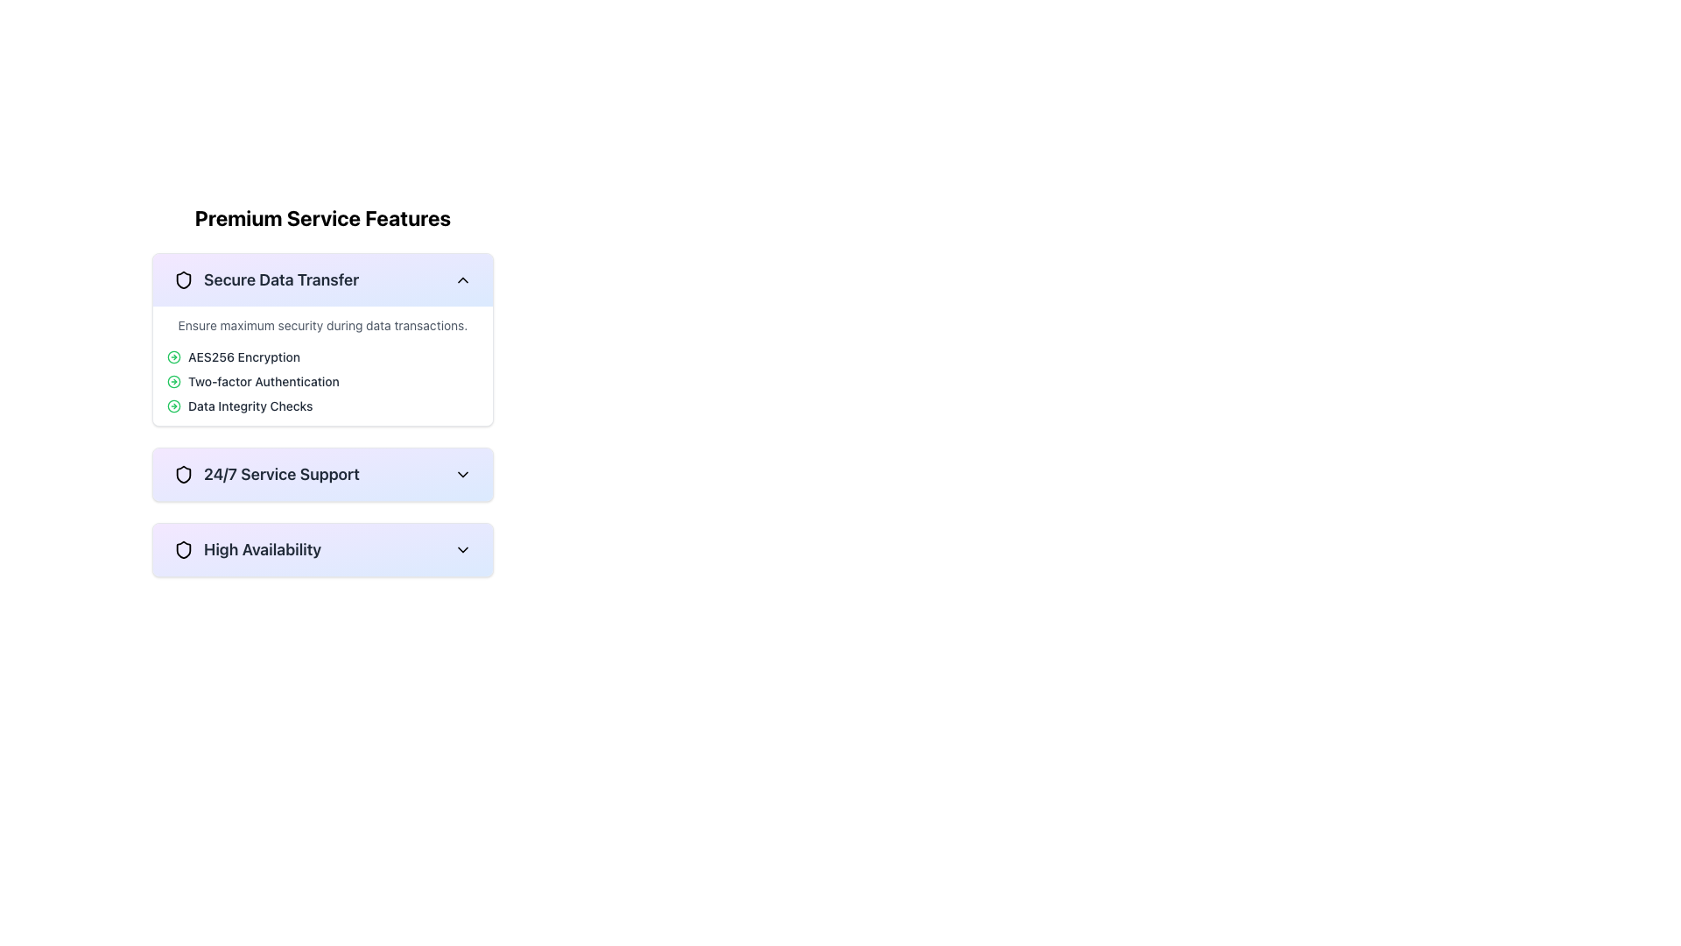  What do you see at coordinates (173, 380) in the screenshot?
I see `the circular shape component within the SVG icon located in the right section of the 'Secure Data Transfer' card for navigation` at bounding box center [173, 380].